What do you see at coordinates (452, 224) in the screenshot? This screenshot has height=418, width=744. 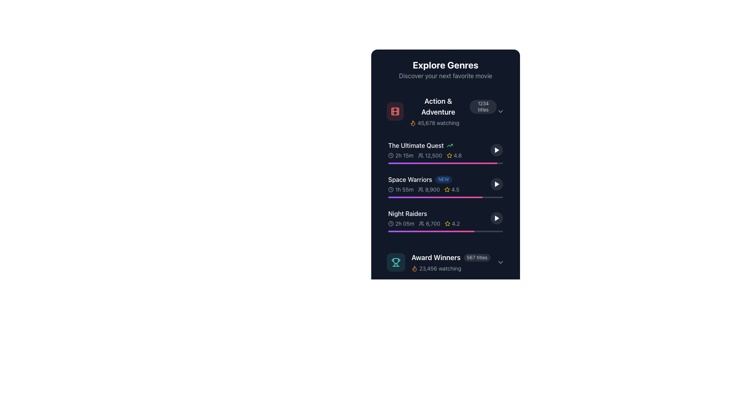 I see `the Rating display for 'Night Raiders', which features a yellow star icon and the gray text '4.2', located near the viewer count and duration` at bounding box center [452, 224].